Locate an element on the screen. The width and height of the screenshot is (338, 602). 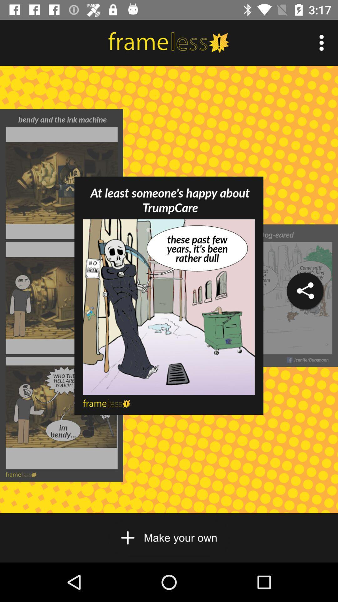
new frame is located at coordinates (168, 537).